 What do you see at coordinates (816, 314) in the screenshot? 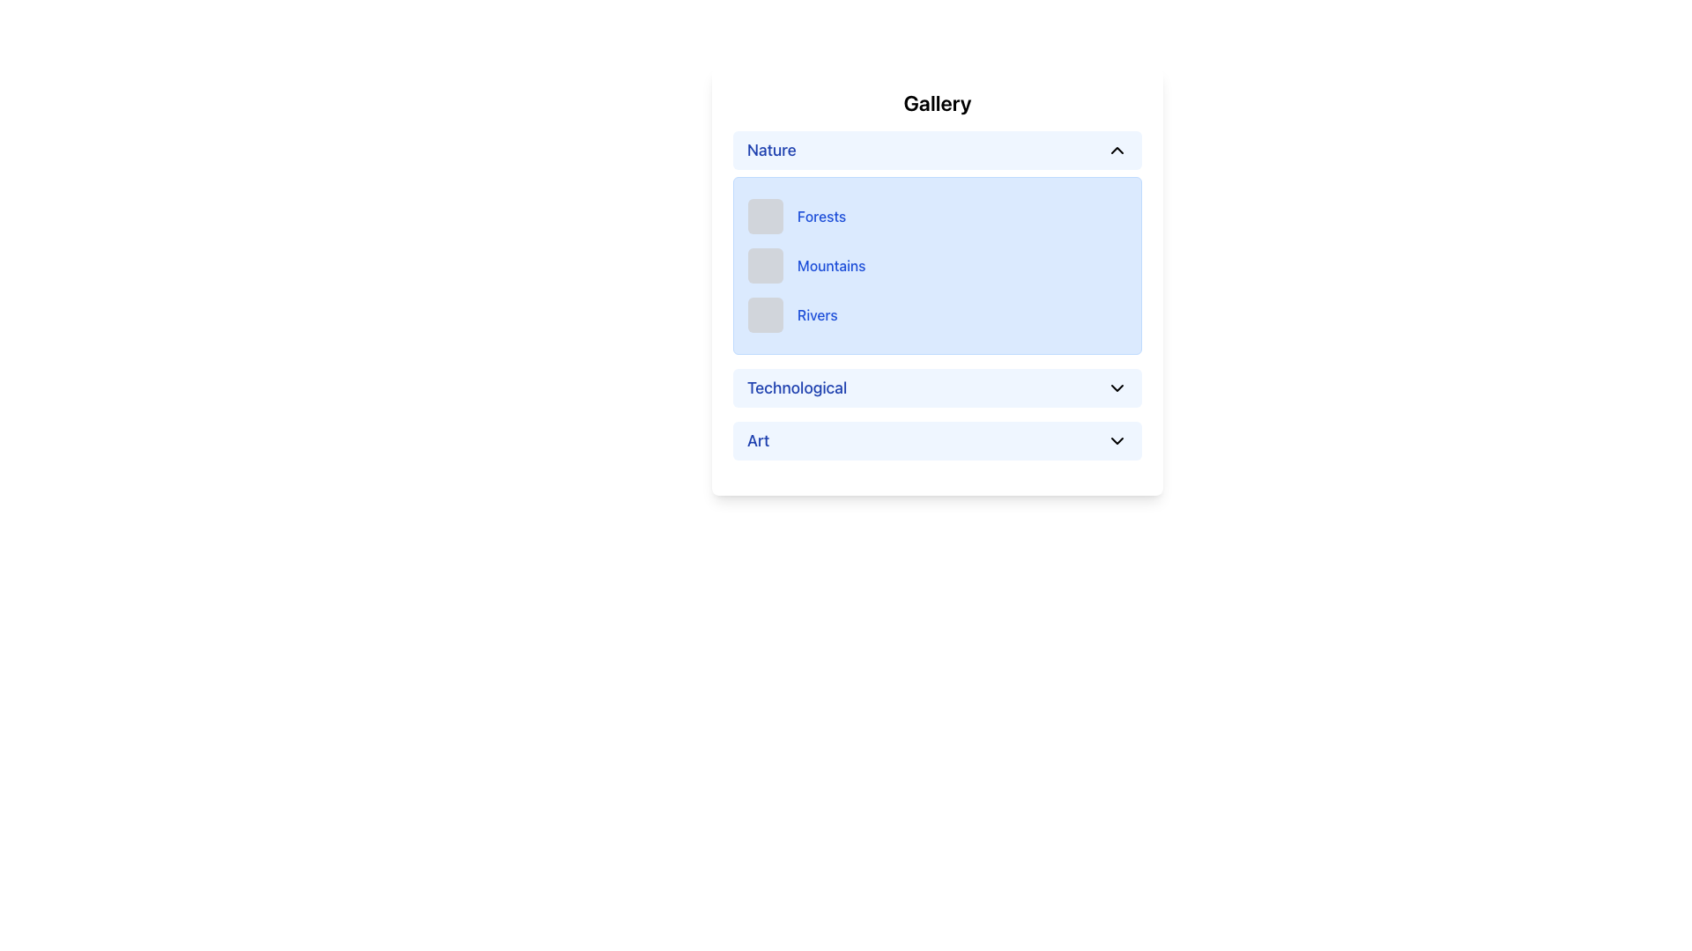
I see `the text label 'Rivers' which is styled in blue and located` at bounding box center [816, 314].